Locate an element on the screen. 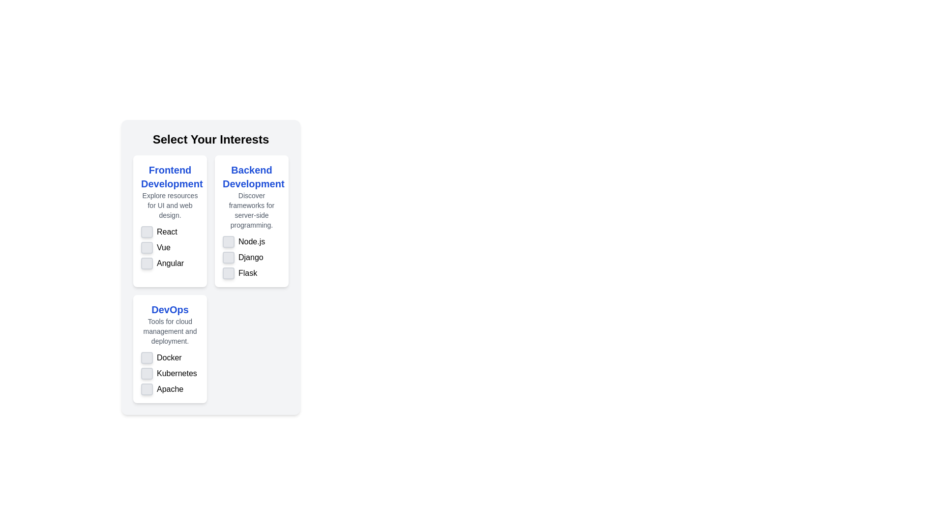 Image resolution: width=944 pixels, height=531 pixels. the empty square-shaped checkbox with rounded corners is located at coordinates (146, 388).